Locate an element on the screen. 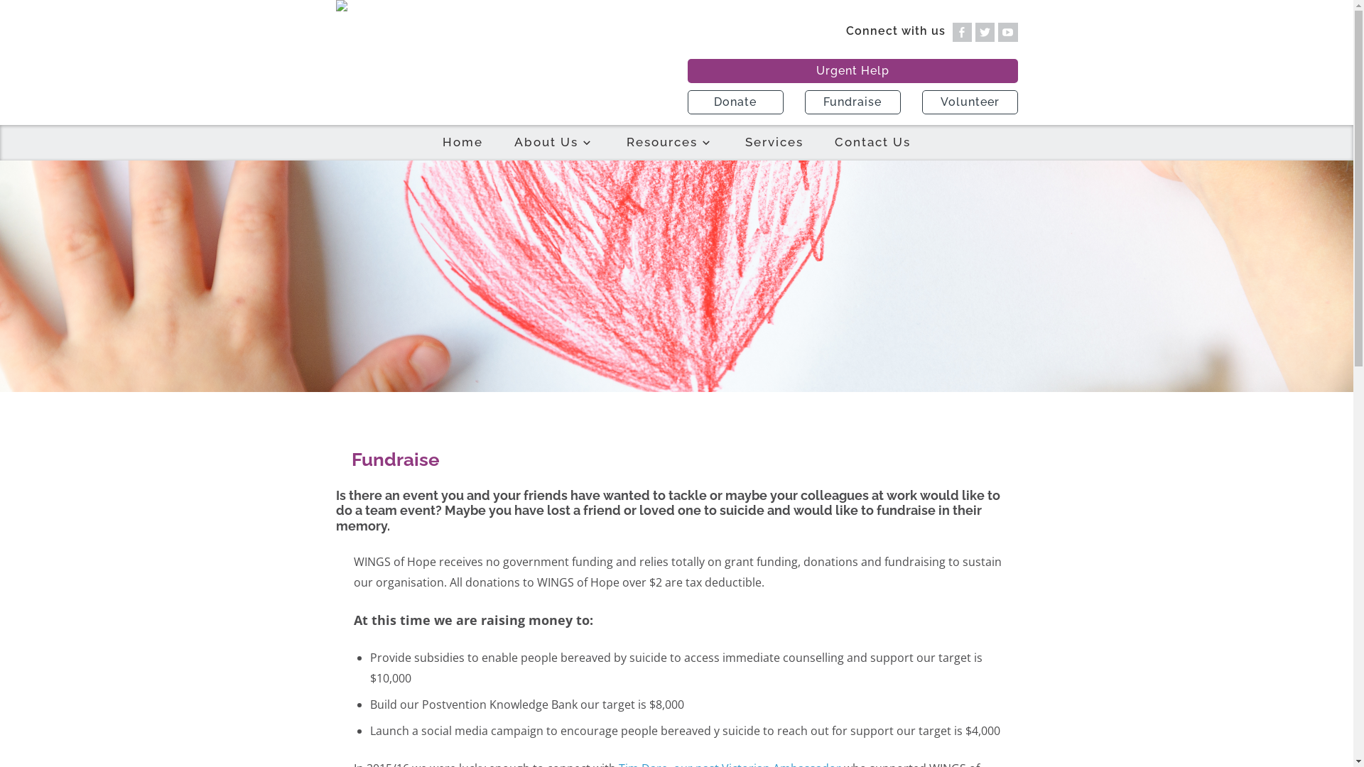  'Services' is located at coordinates (773, 142).